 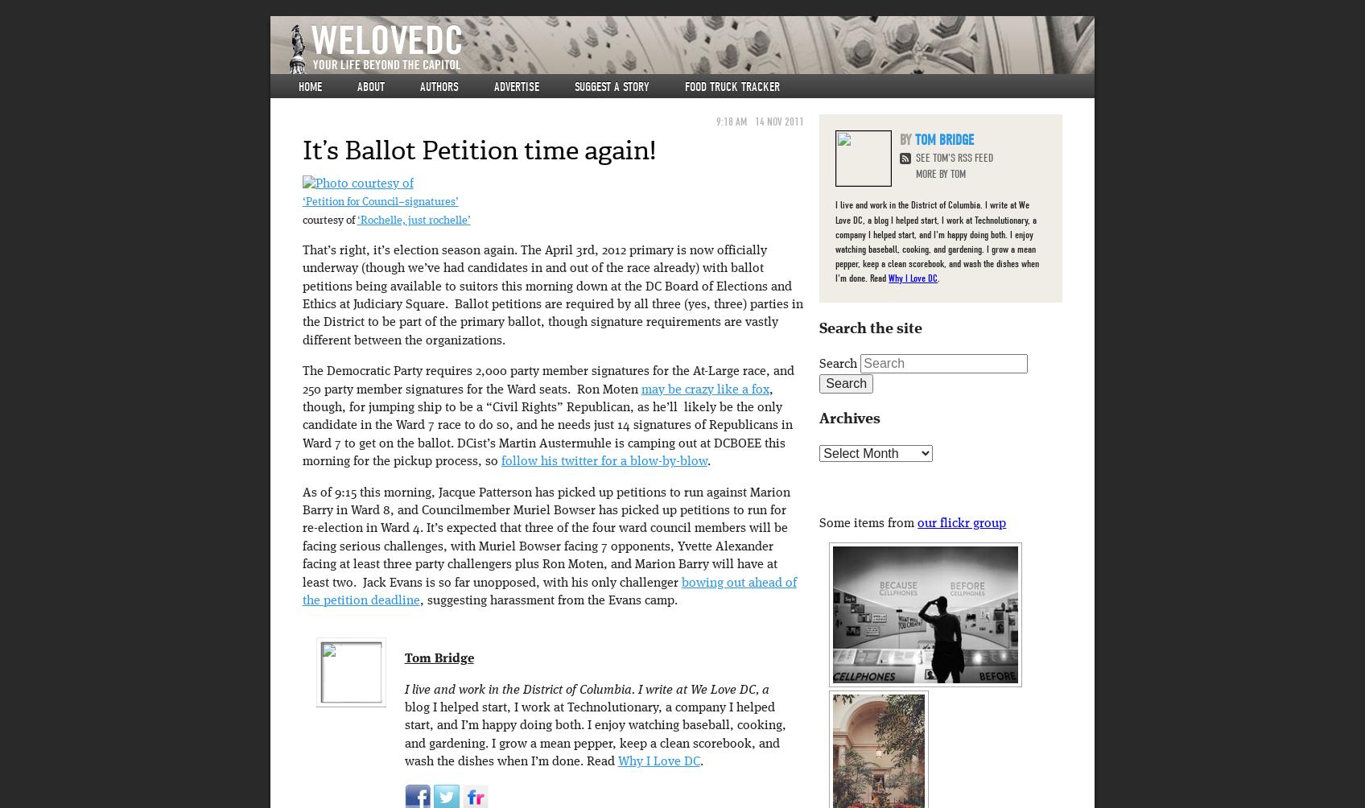 What do you see at coordinates (955, 157) in the screenshot?
I see `'See Tom's RSS Feed'` at bounding box center [955, 157].